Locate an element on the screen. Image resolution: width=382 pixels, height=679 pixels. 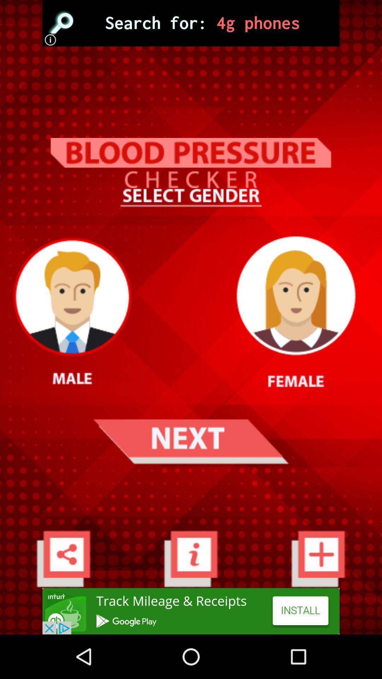
see information is located at coordinates (190, 558).